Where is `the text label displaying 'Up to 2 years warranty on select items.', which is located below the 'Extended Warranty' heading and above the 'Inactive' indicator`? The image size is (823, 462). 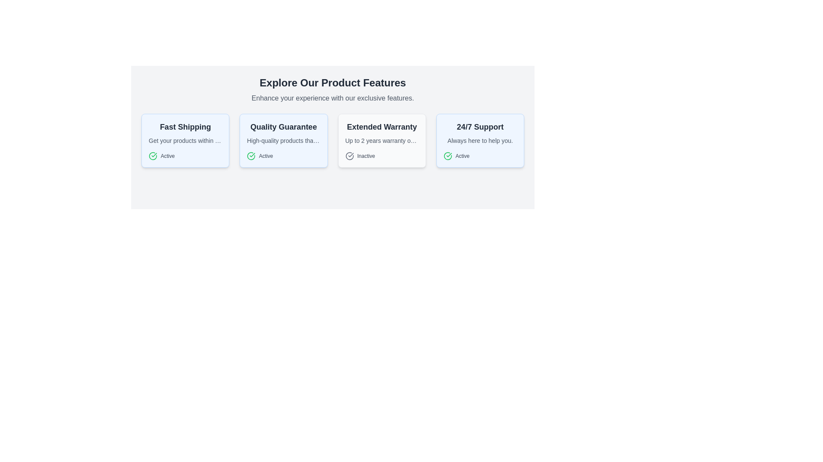 the text label displaying 'Up to 2 years warranty on select items.', which is located below the 'Extended Warranty' heading and above the 'Inactive' indicator is located at coordinates (381, 140).